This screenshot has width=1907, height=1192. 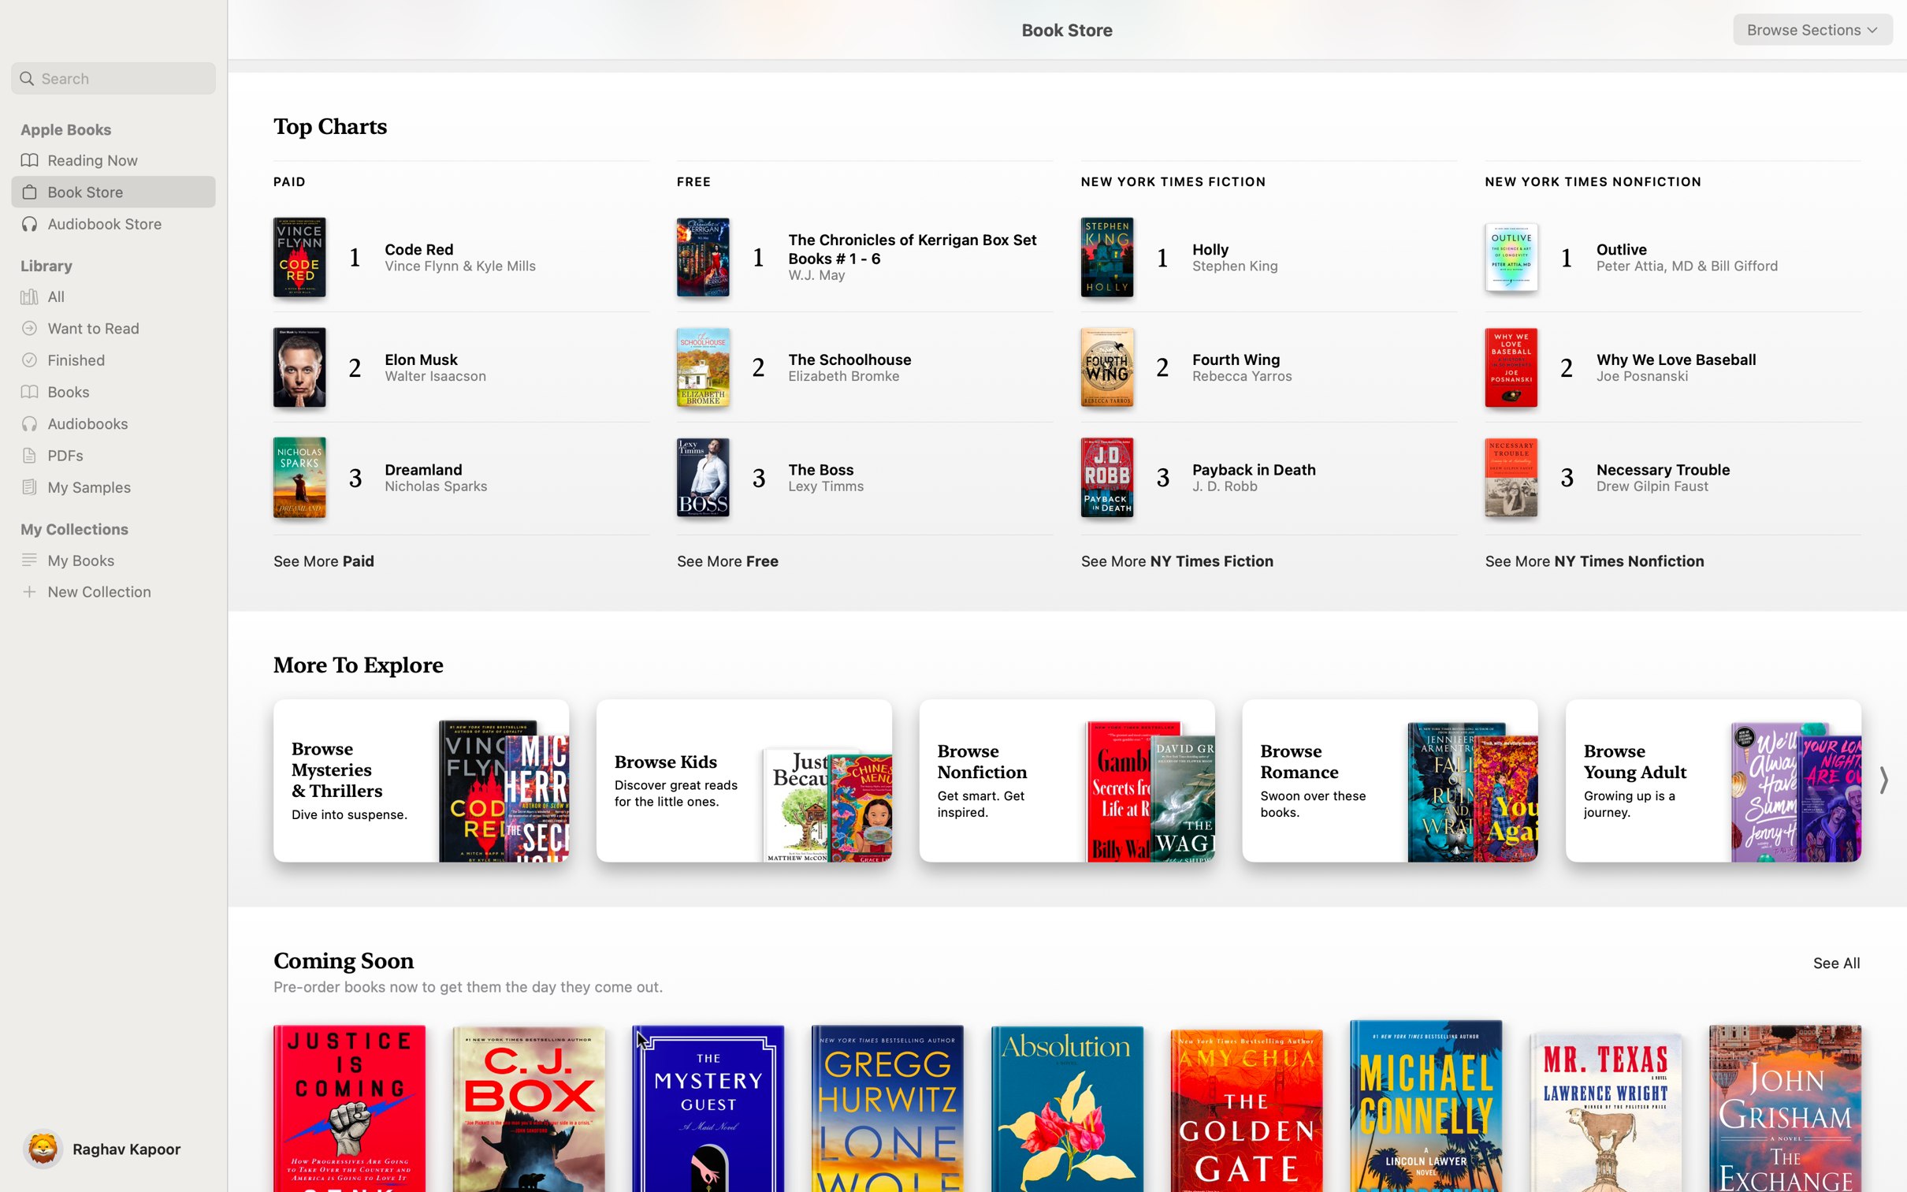 I want to click on the Sci-fi category using the browse dropdown menu in the top right, so click(x=1812, y=29).